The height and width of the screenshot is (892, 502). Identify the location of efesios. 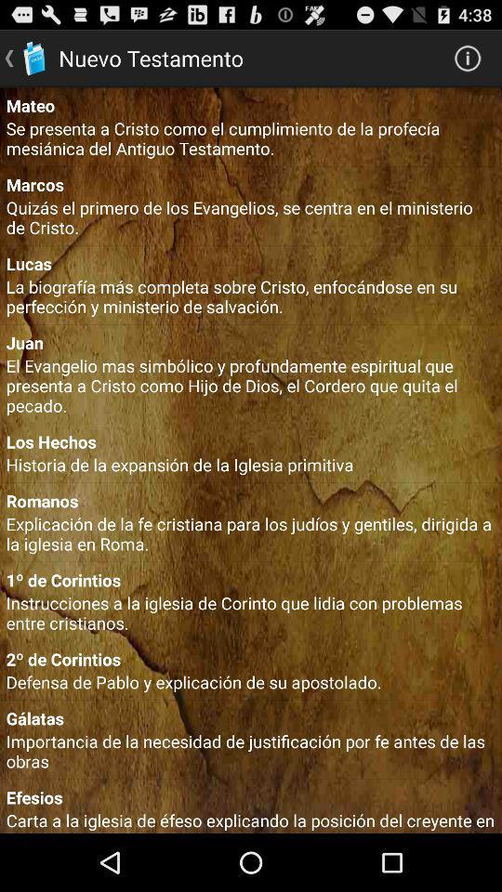
(251, 796).